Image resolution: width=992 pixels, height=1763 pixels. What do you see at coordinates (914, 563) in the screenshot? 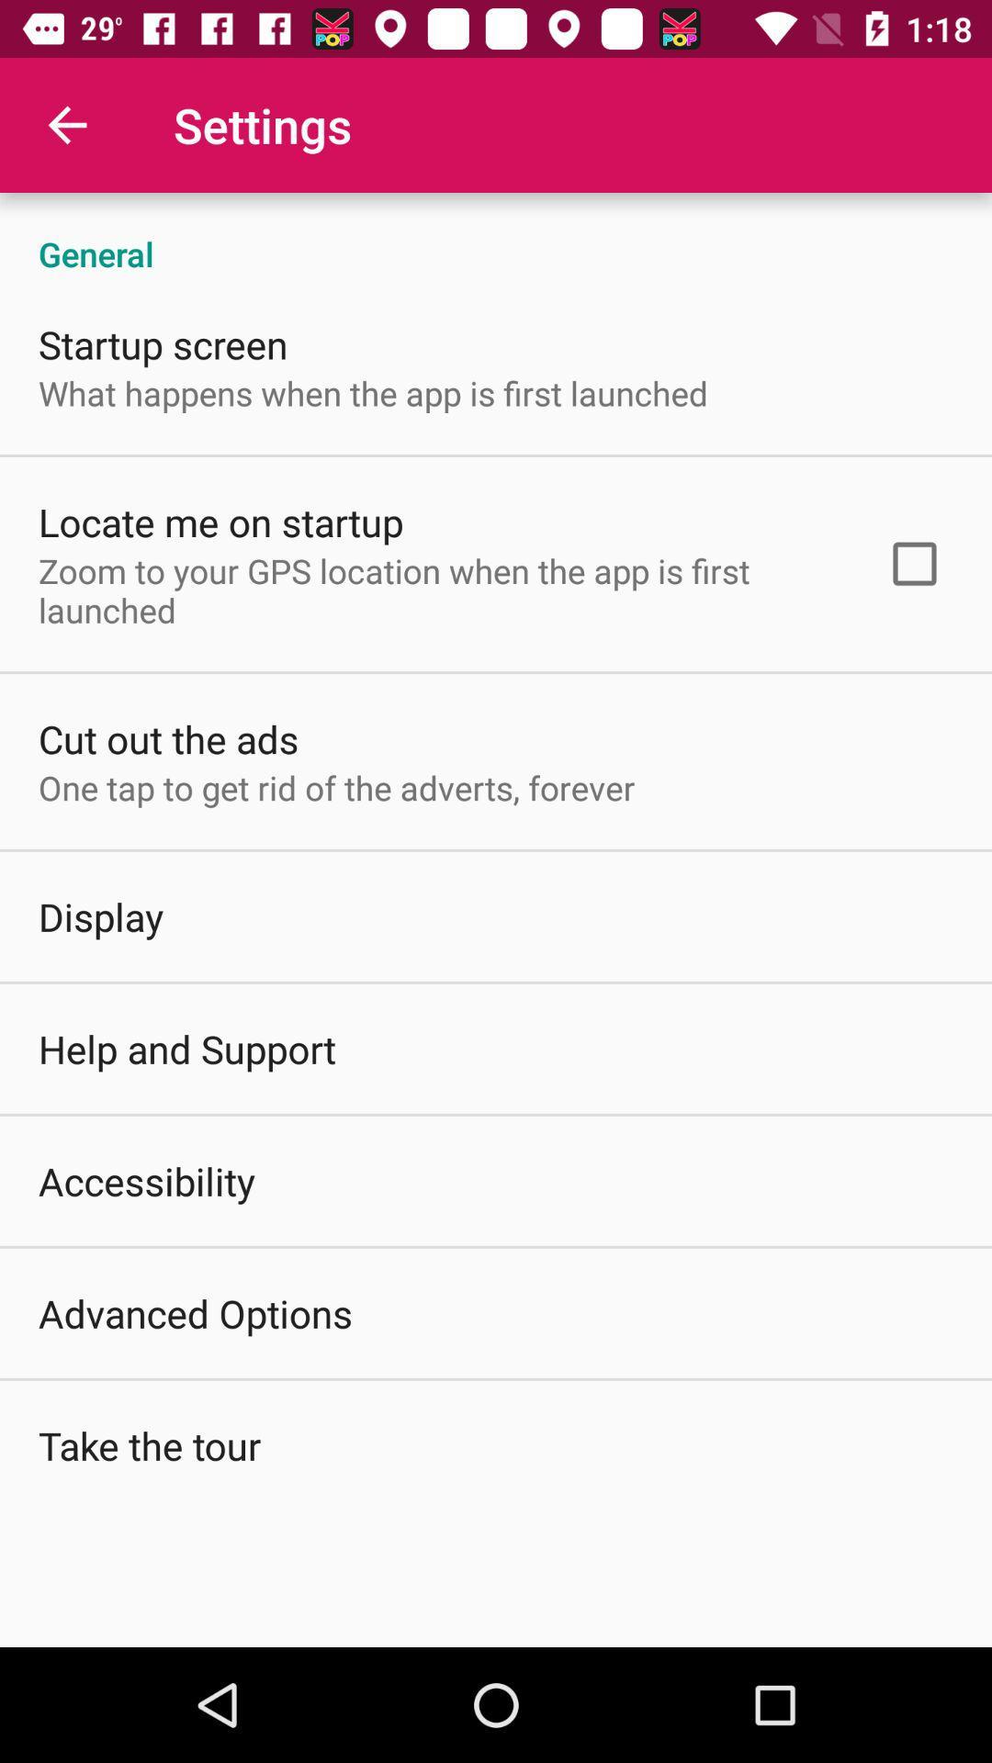
I see `the icon below the general icon` at bounding box center [914, 563].